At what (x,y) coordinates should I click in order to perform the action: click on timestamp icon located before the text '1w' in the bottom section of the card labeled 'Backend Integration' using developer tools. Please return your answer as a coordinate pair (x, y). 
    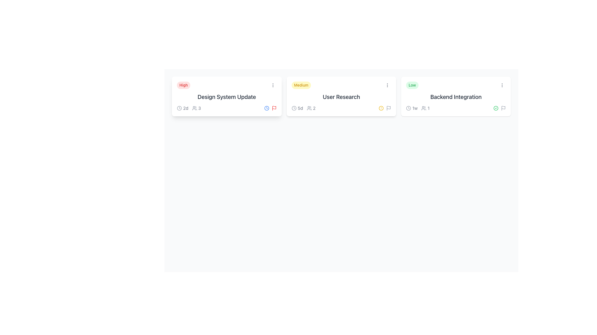
    Looking at the image, I should click on (409, 108).